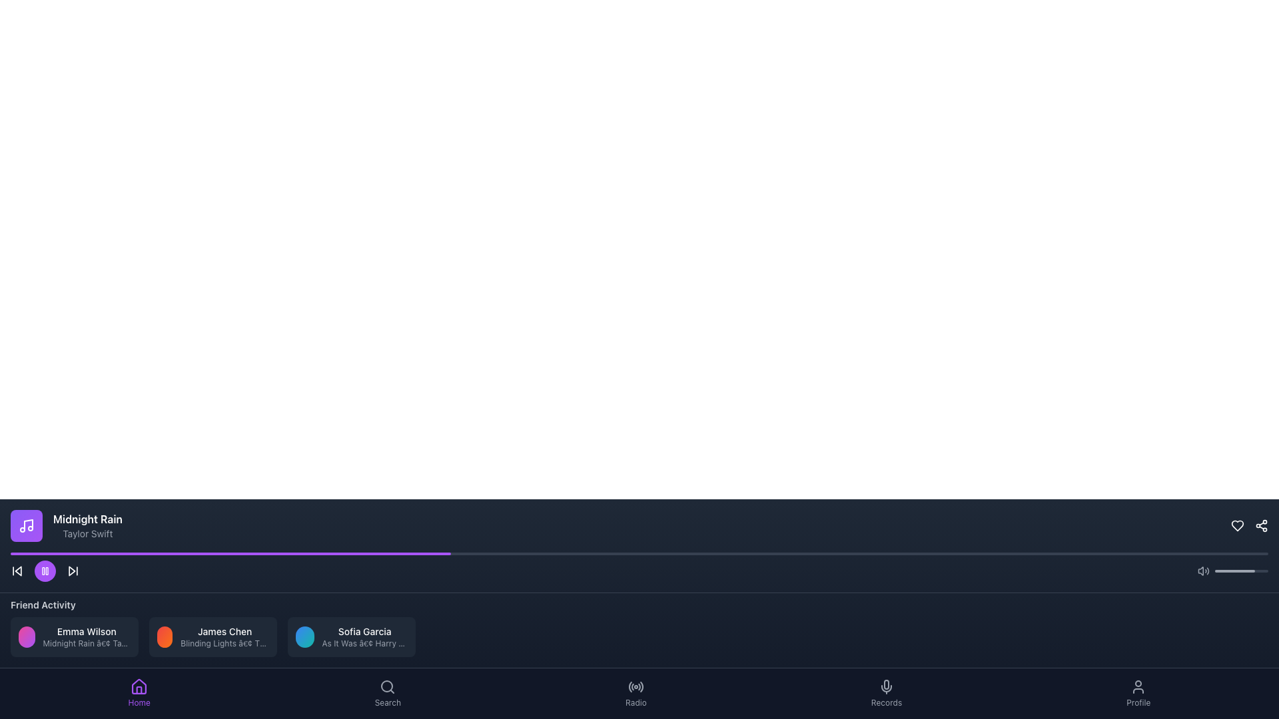 The height and width of the screenshot is (719, 1279). I want to click on the 'skip back' graphical icon located on the left side of the bottom control bar to skip to the previous media track, so click(18, 570).